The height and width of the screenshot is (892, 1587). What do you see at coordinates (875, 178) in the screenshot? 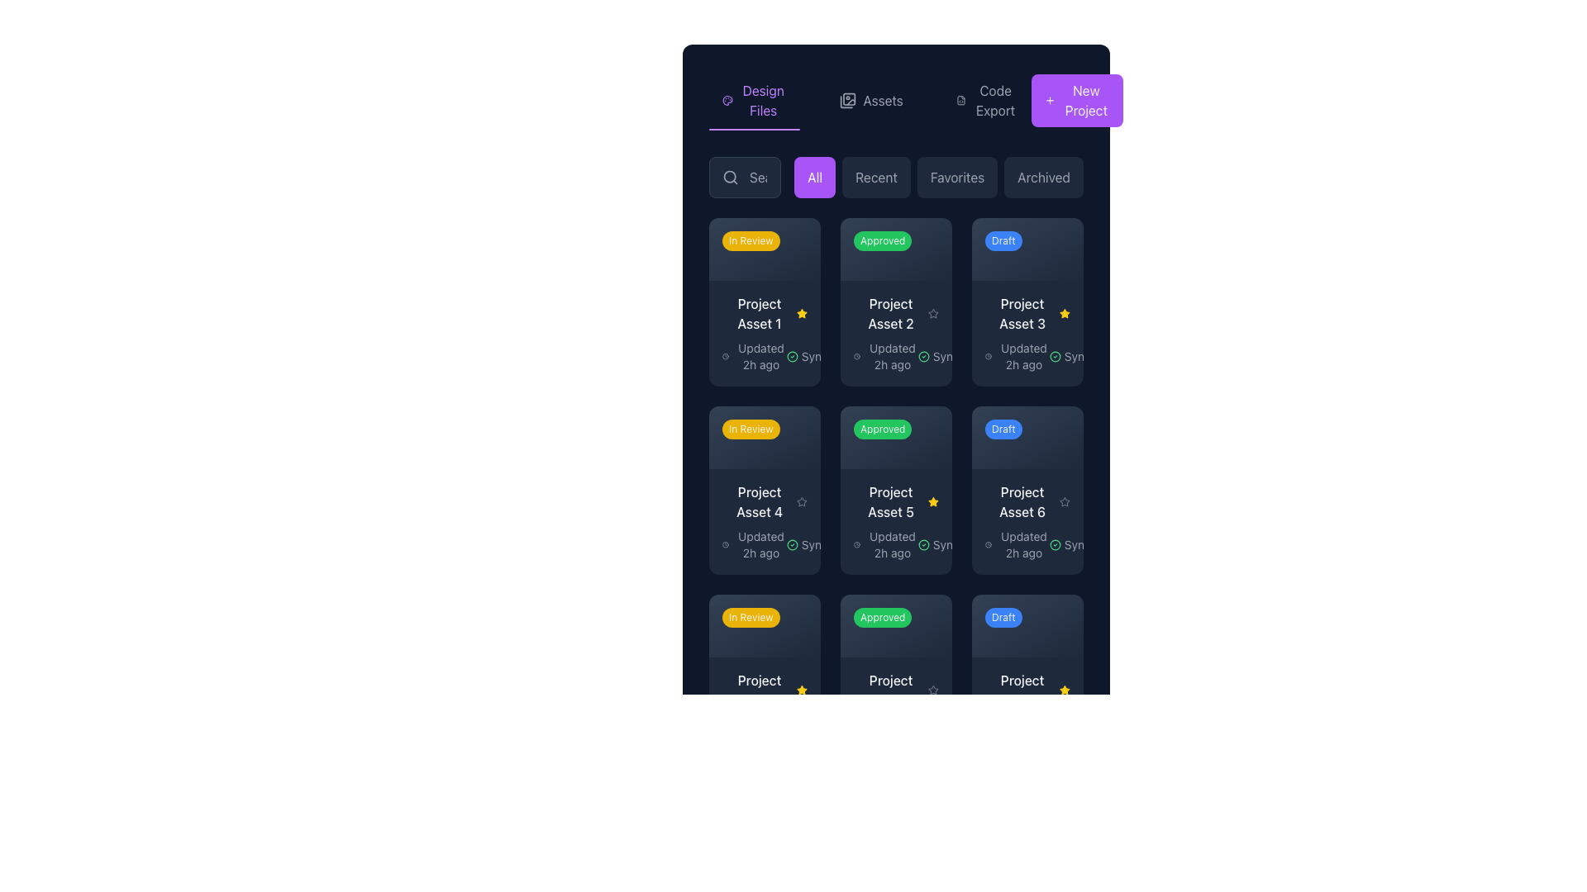
I see `the 'Recent' button, which is the second button from the left in a horizontal group with a dark slate background and light-gray text` at bounding box center [875, 178].